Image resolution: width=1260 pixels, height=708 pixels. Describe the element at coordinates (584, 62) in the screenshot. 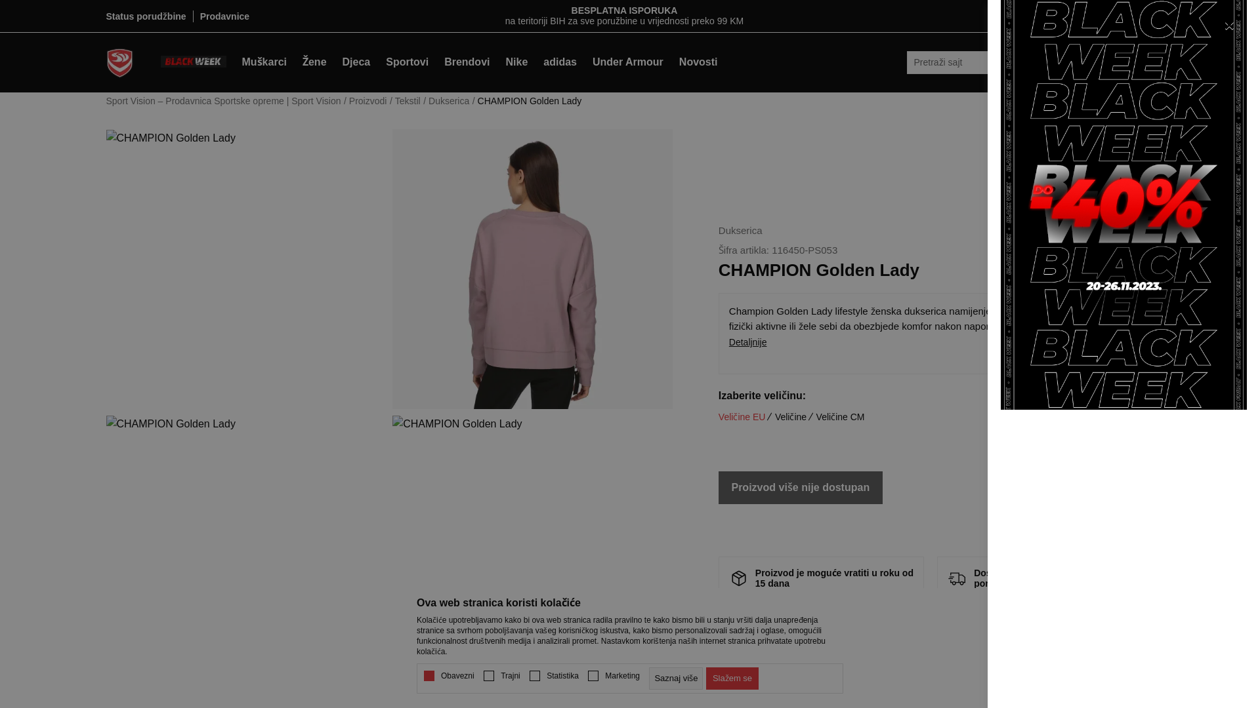

I see `'Under Armour'` at that location.